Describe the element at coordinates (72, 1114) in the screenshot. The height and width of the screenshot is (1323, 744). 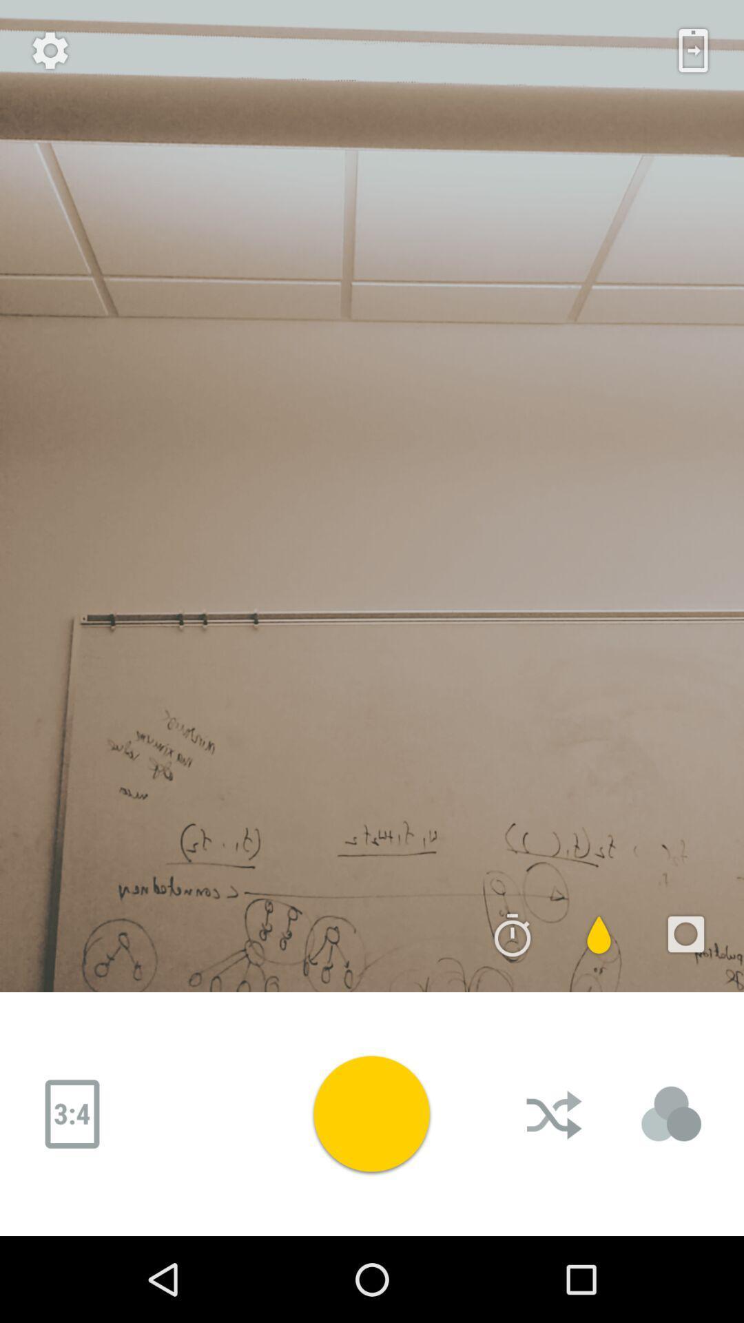
I see `image size` at that location.